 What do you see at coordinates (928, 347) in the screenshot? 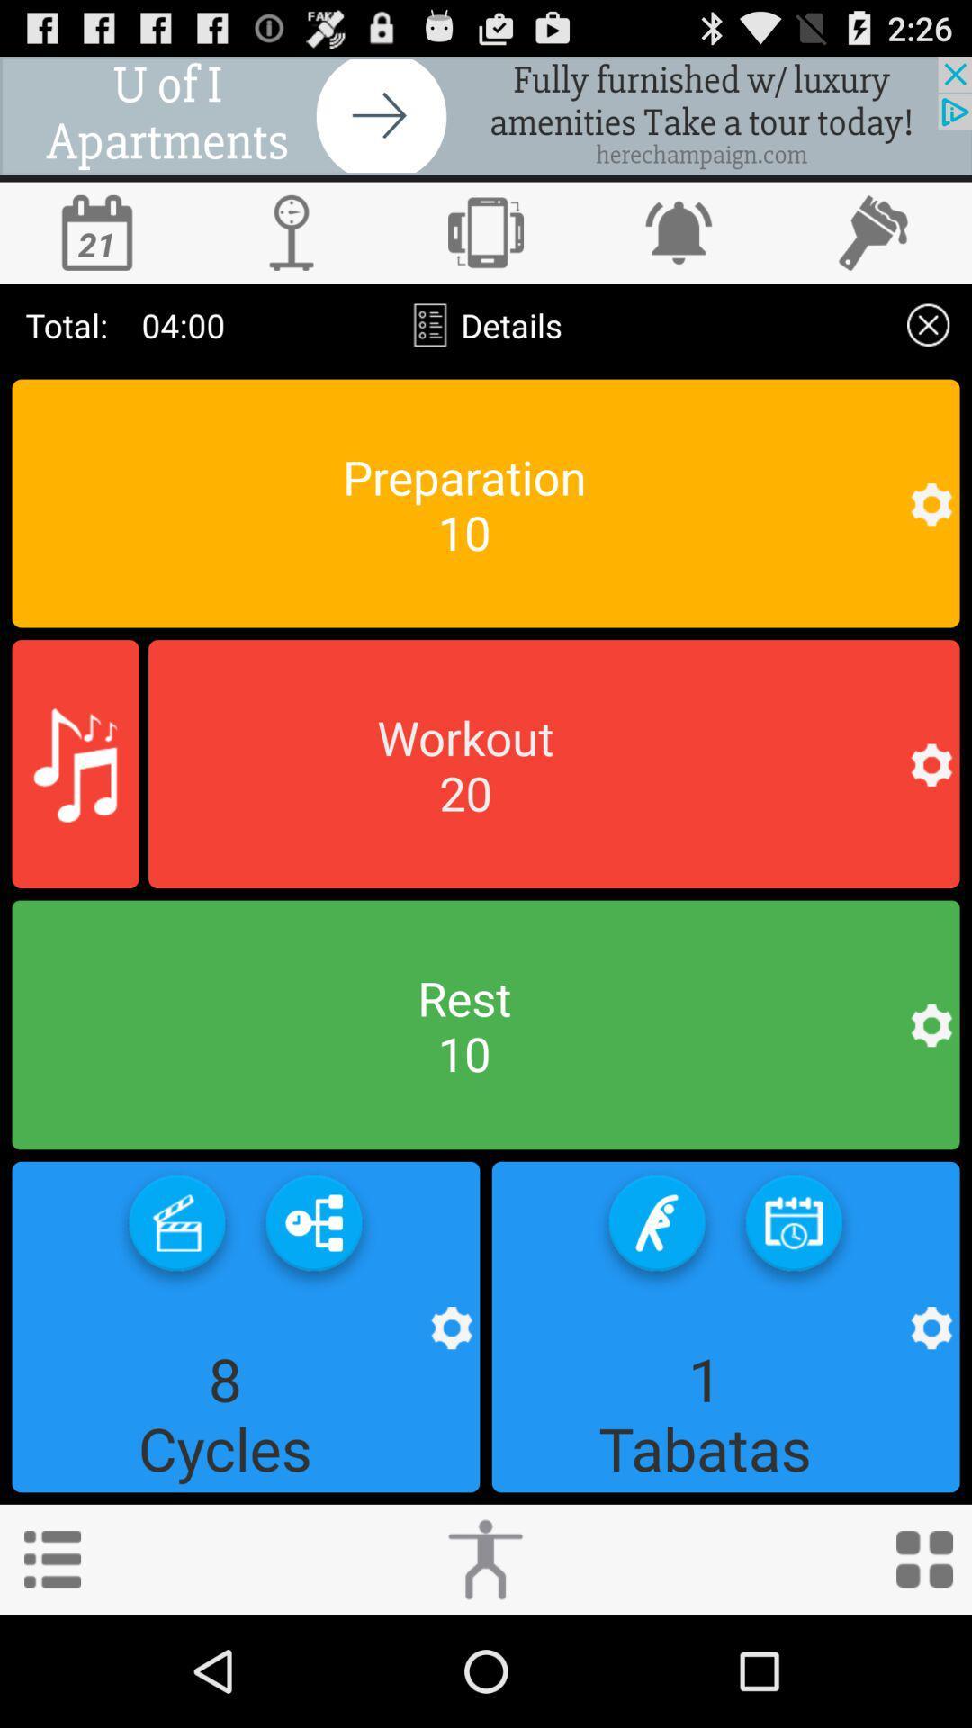
I see `the close icon` at bounding box center [928, 347].